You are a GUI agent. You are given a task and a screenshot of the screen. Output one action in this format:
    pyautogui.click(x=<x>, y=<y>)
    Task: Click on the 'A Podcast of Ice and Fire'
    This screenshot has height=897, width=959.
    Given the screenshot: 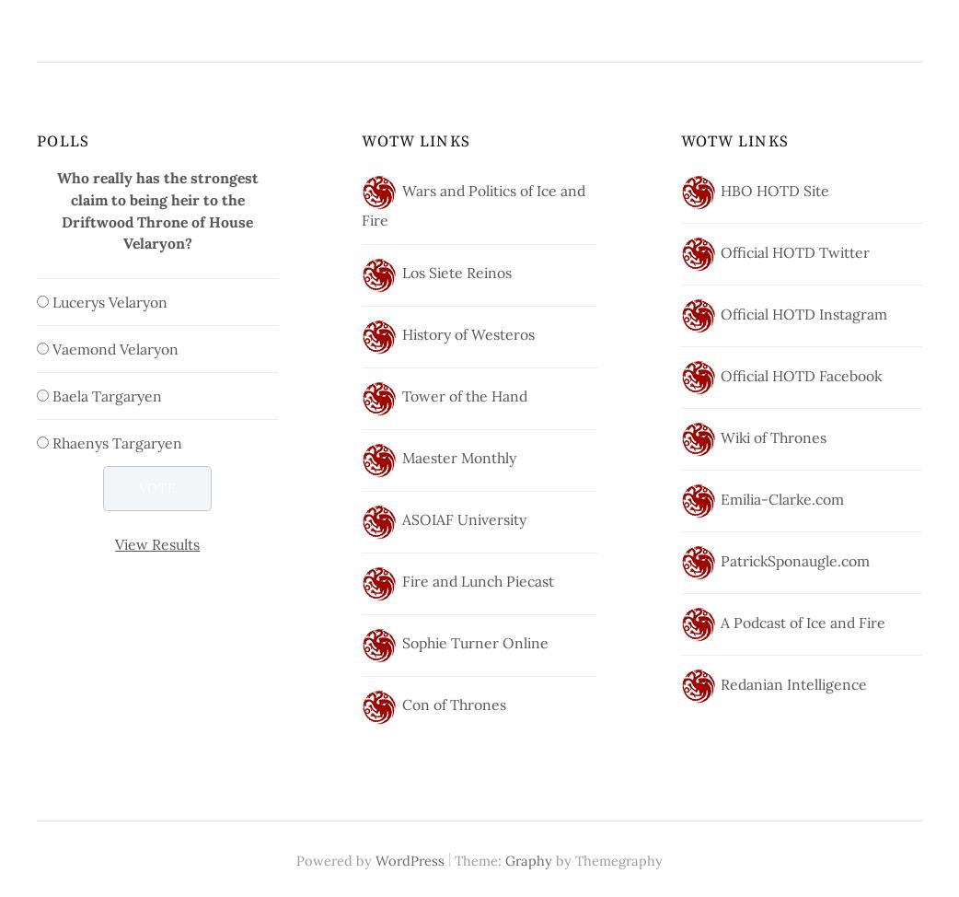 What is the action you would take?
    pyautogui.click(x=801, y=622)
    